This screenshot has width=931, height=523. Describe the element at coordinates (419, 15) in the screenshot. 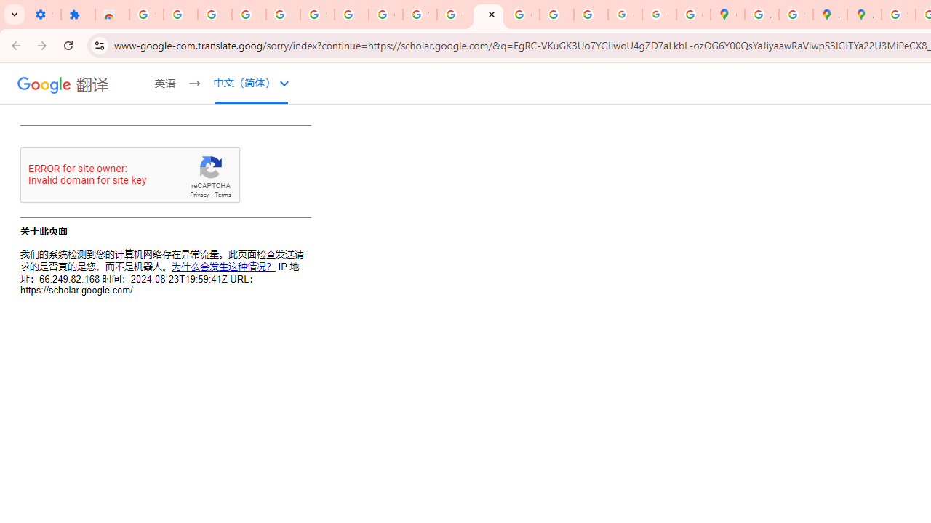

I see `'YouTube'` at that location.